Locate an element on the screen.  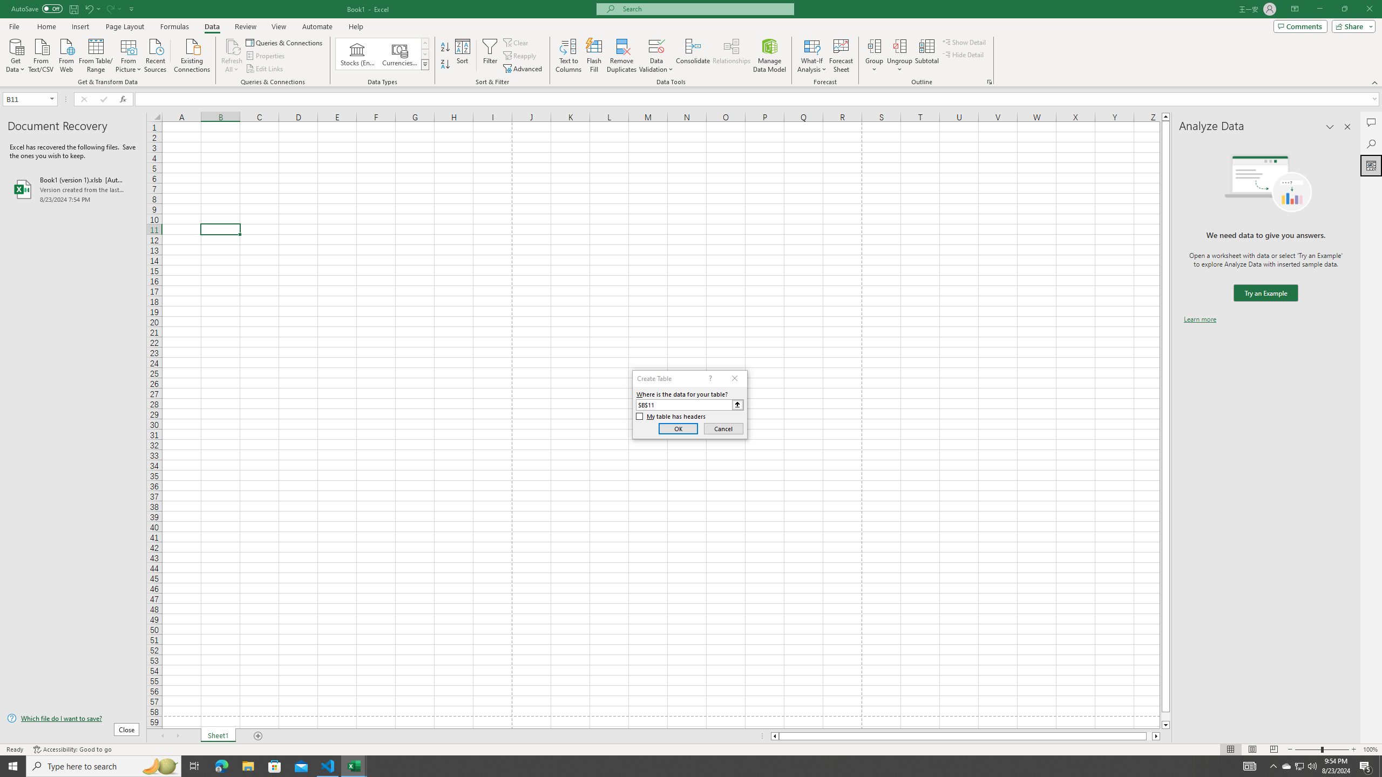
'Row Down' is located at coordinates (425, 53).